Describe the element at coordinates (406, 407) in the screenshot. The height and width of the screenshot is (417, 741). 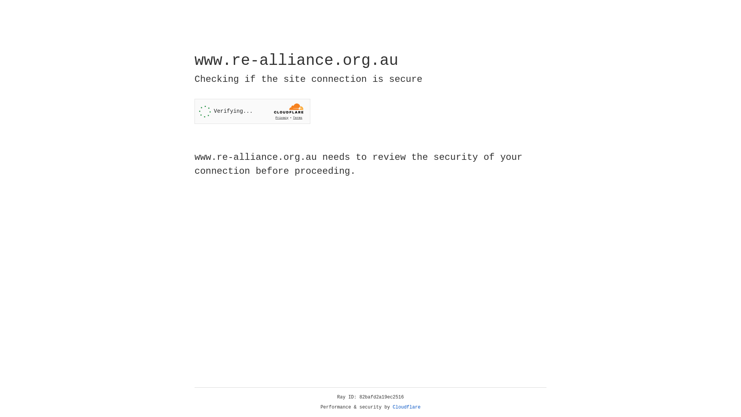
I see `'Cloudflare'` at that location.